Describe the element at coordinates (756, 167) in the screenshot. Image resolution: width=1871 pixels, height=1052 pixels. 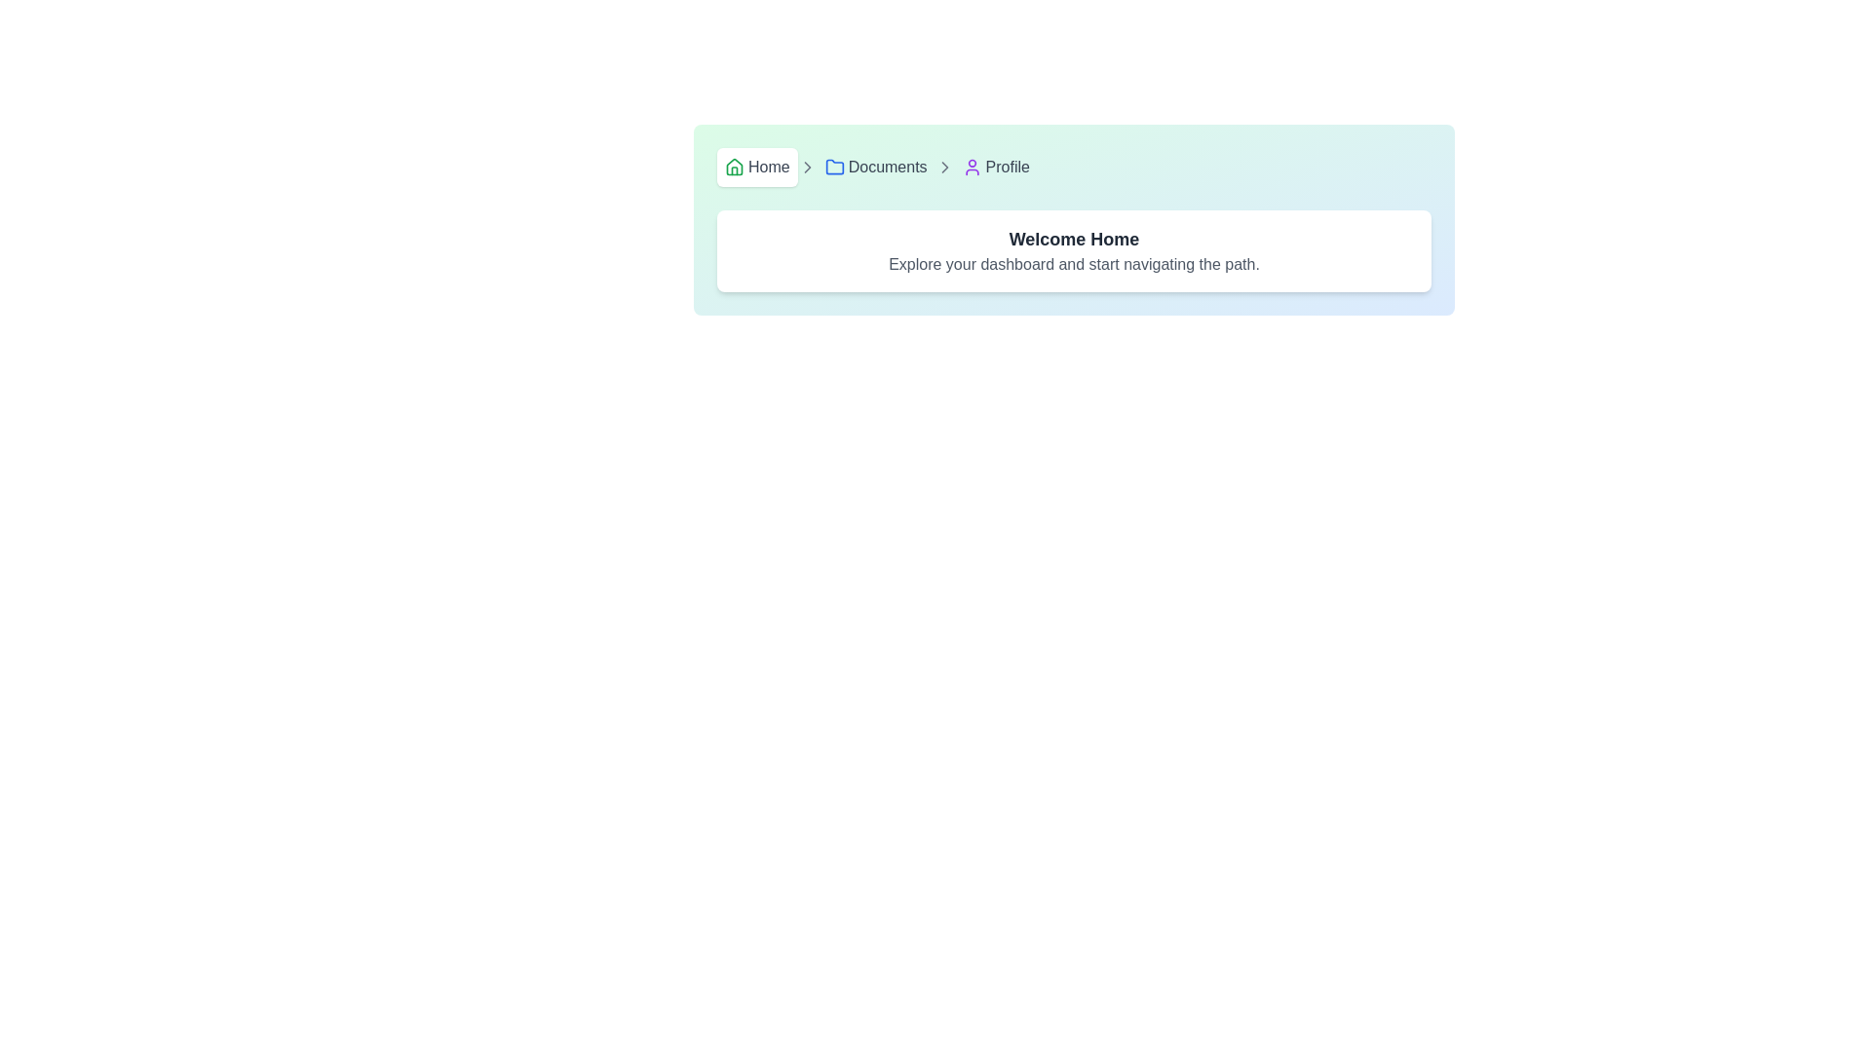
I see `the first button in the breadcrumb navigation row` at that location.